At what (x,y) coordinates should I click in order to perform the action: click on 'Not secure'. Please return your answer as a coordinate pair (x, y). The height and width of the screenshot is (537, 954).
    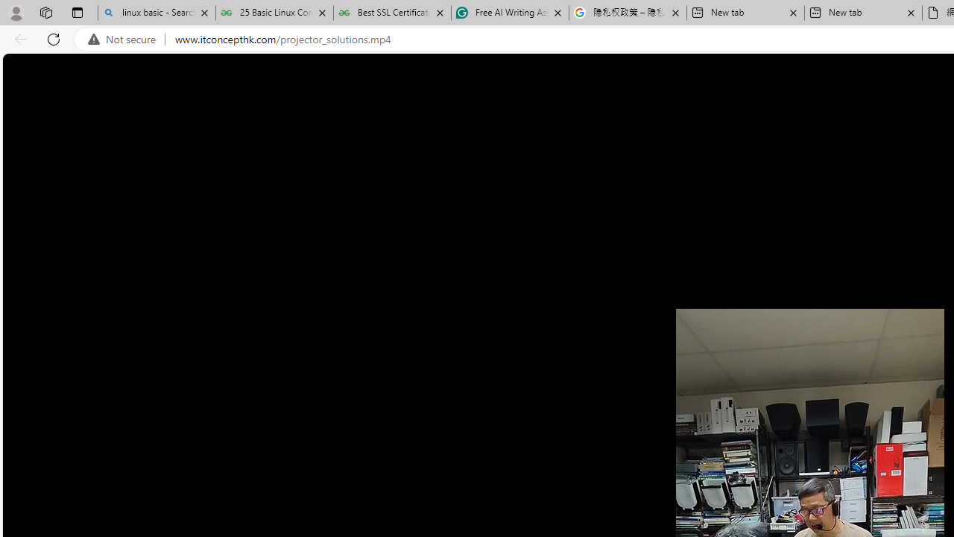
    Looking at the image, I should click on (125, 39).